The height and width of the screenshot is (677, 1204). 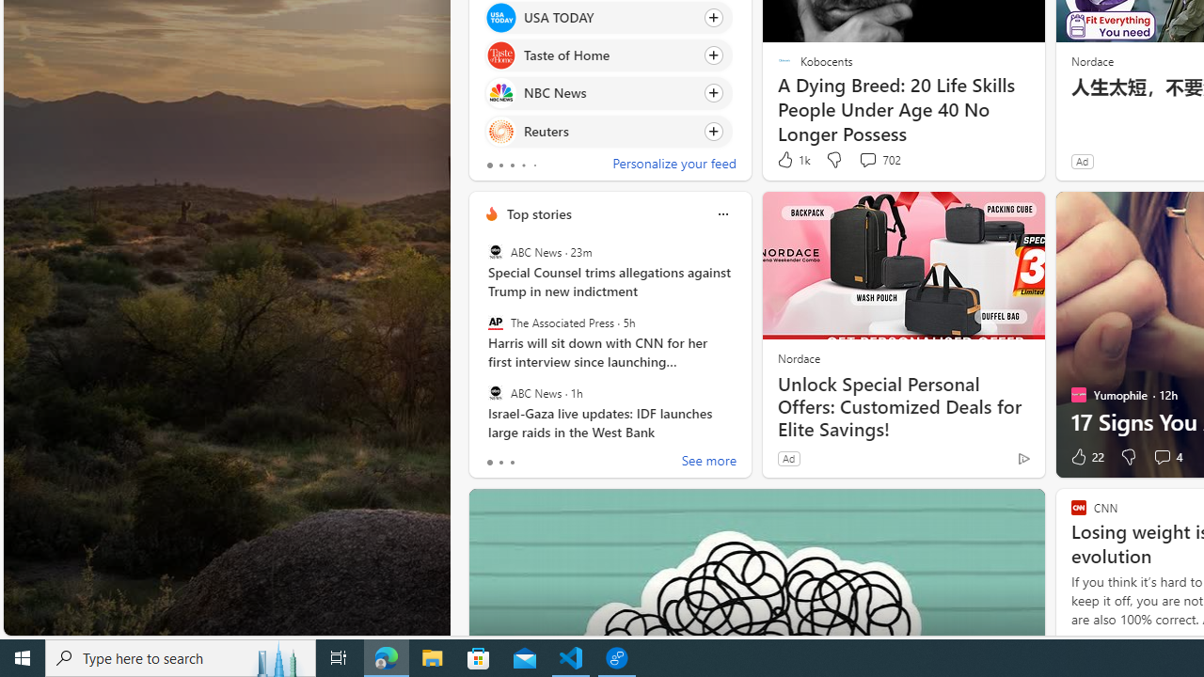 I want to click on 'View comments 702 Comment', so click(x=879, y=159).